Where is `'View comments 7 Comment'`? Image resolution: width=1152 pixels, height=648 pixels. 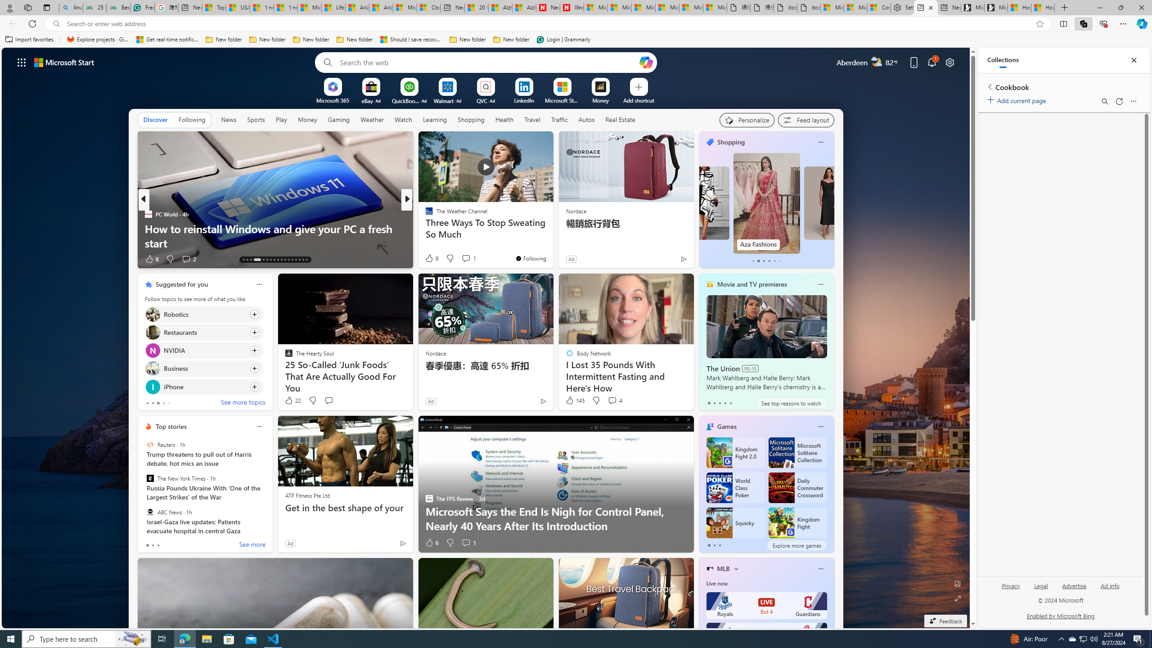 'View comments 7 Comment' is located at coordinates (468, 259).